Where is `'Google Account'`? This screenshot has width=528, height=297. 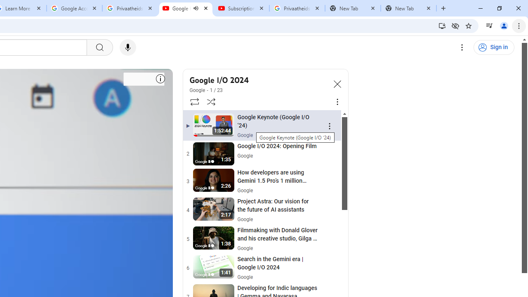
'Google Account' is located at coordinates (74, 8).